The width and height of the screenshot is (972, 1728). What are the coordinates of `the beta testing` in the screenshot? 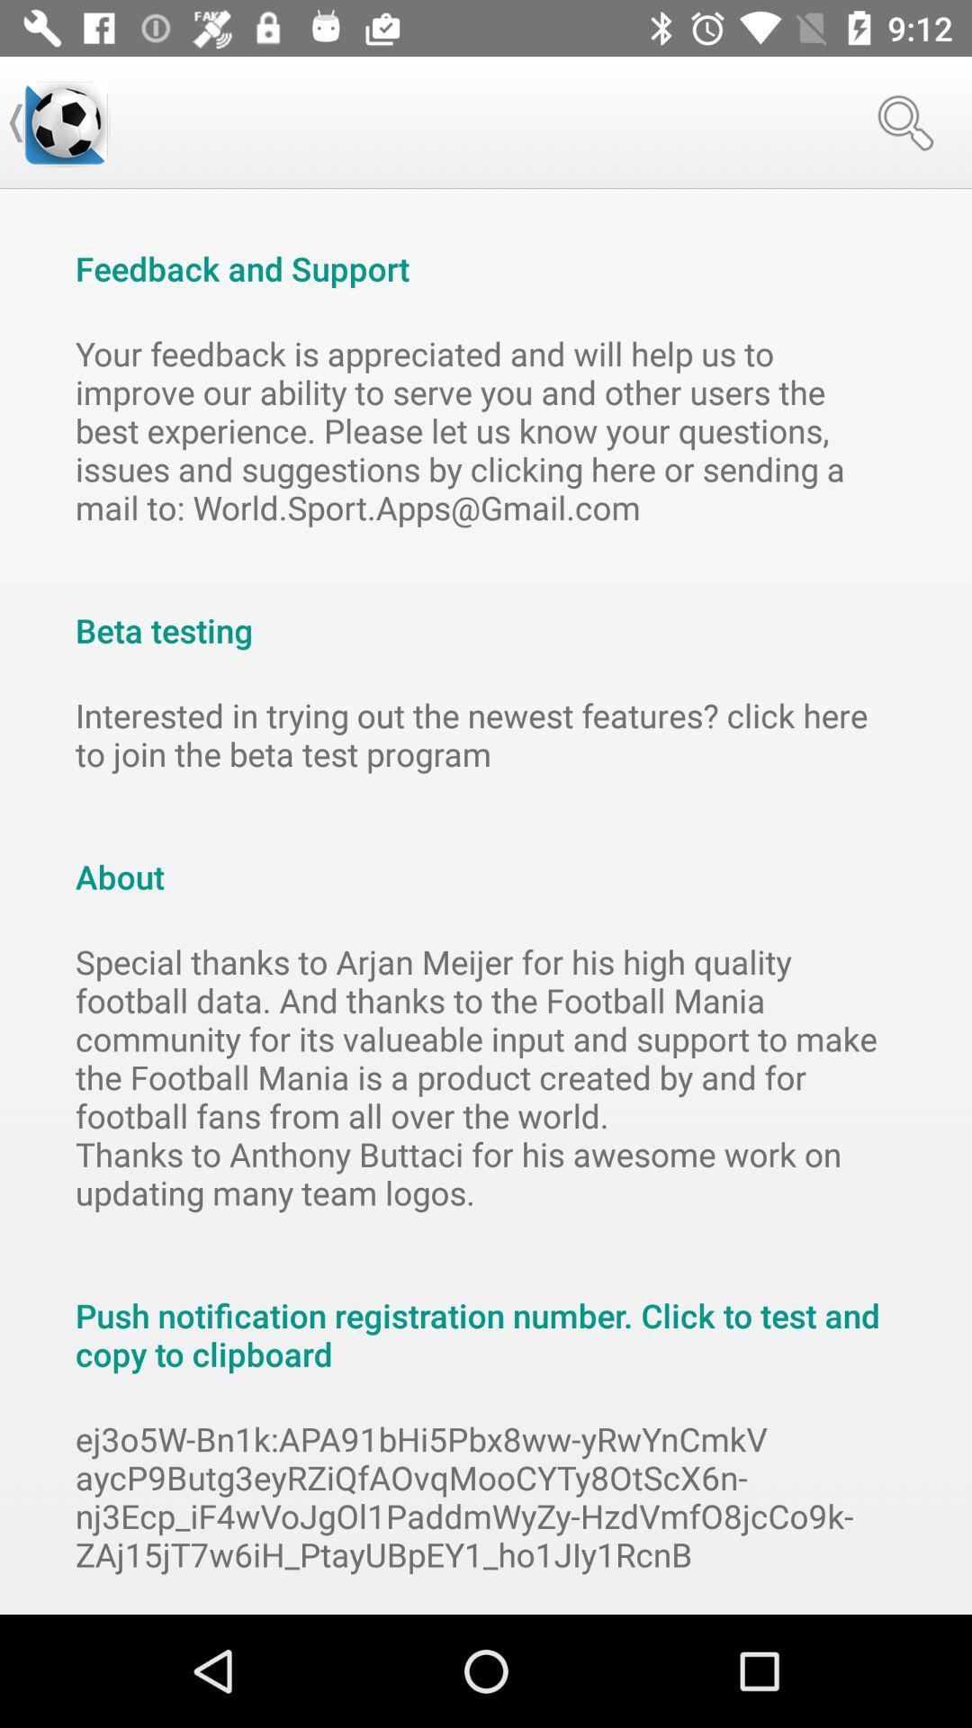 It's located at (486, 611).